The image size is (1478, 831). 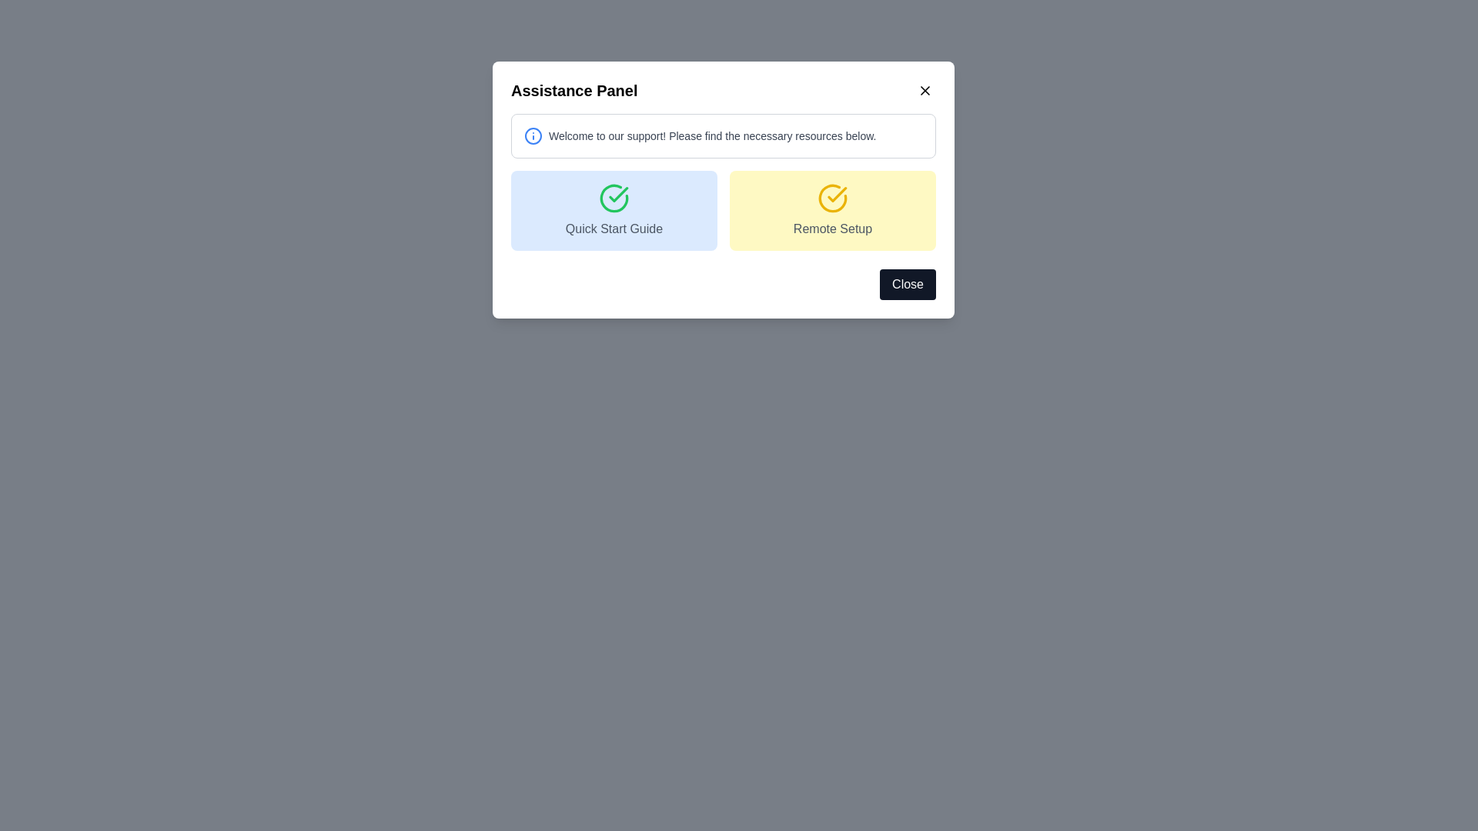 What do you see at coordinates (613, 198) in the screenshot?
I see `the icon indicating the completed or confirmed status in the 'Quick Start Guide' section of the assistance panel` at bounding box center [613, 198].